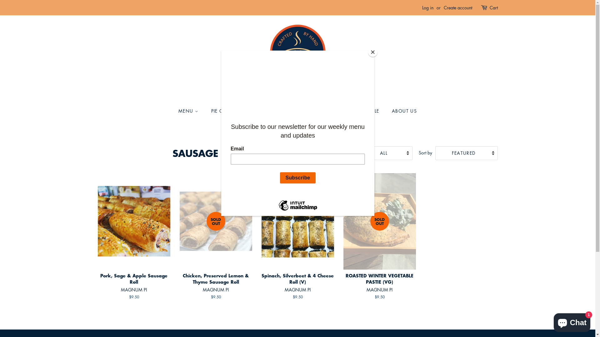 This screenshot has width=600, height=337. Describe the element at coordinates (572, 321) in the screenshot. I see `'Shopify online store chat'` at that location.